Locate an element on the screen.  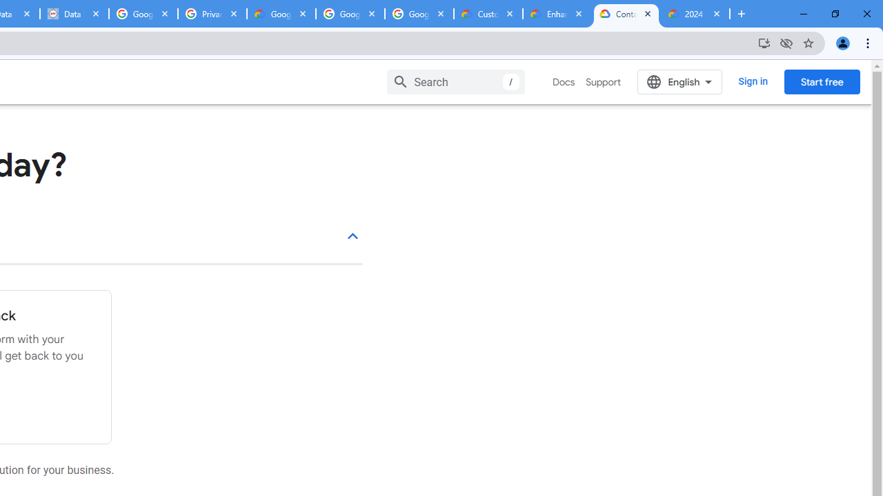
'Minimize' is located at coordinates (804, 14).